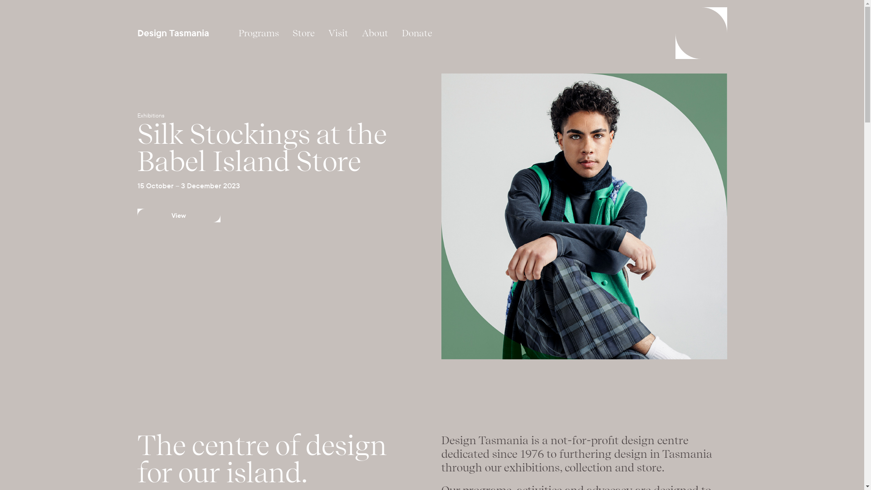  What do you see at coordinates (374, 33) in the screenshot?
I see `'About'` at bounding box center [374, 33].